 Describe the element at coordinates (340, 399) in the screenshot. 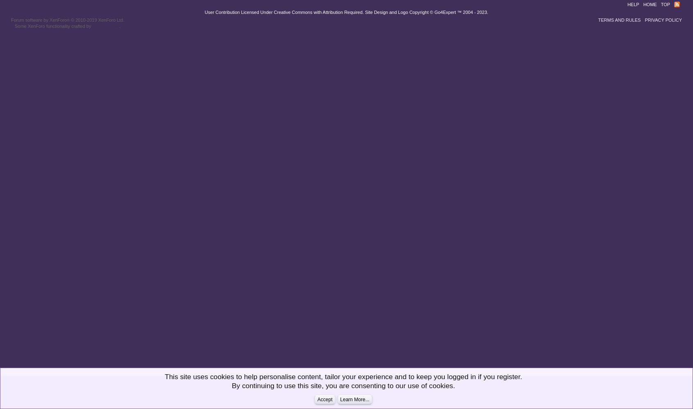

I see `'Learn More...'` at that location.